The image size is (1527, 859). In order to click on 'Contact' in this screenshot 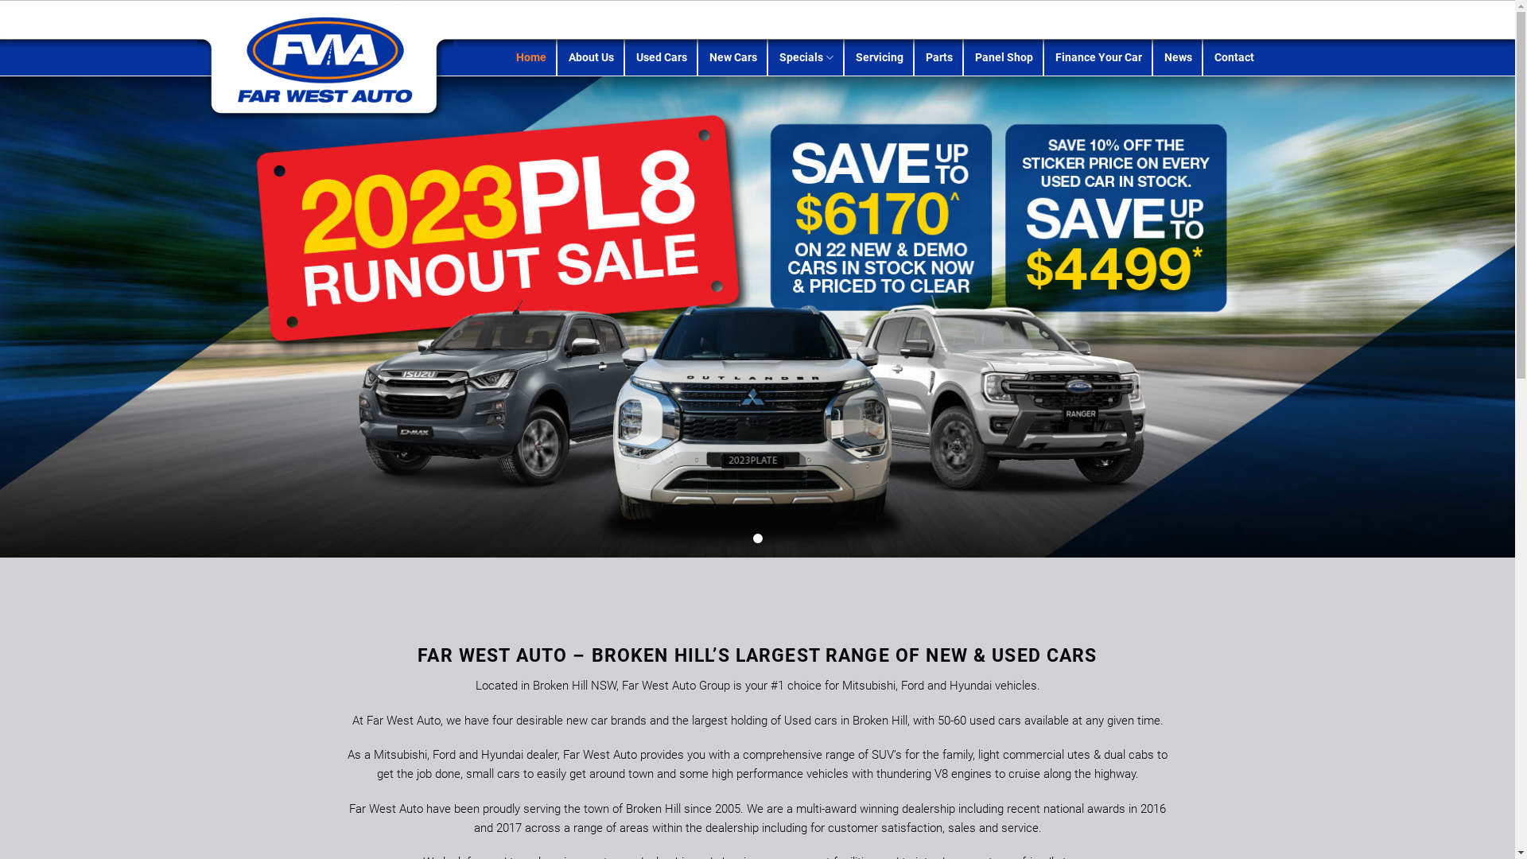, I will do `click(1233, 56)`.